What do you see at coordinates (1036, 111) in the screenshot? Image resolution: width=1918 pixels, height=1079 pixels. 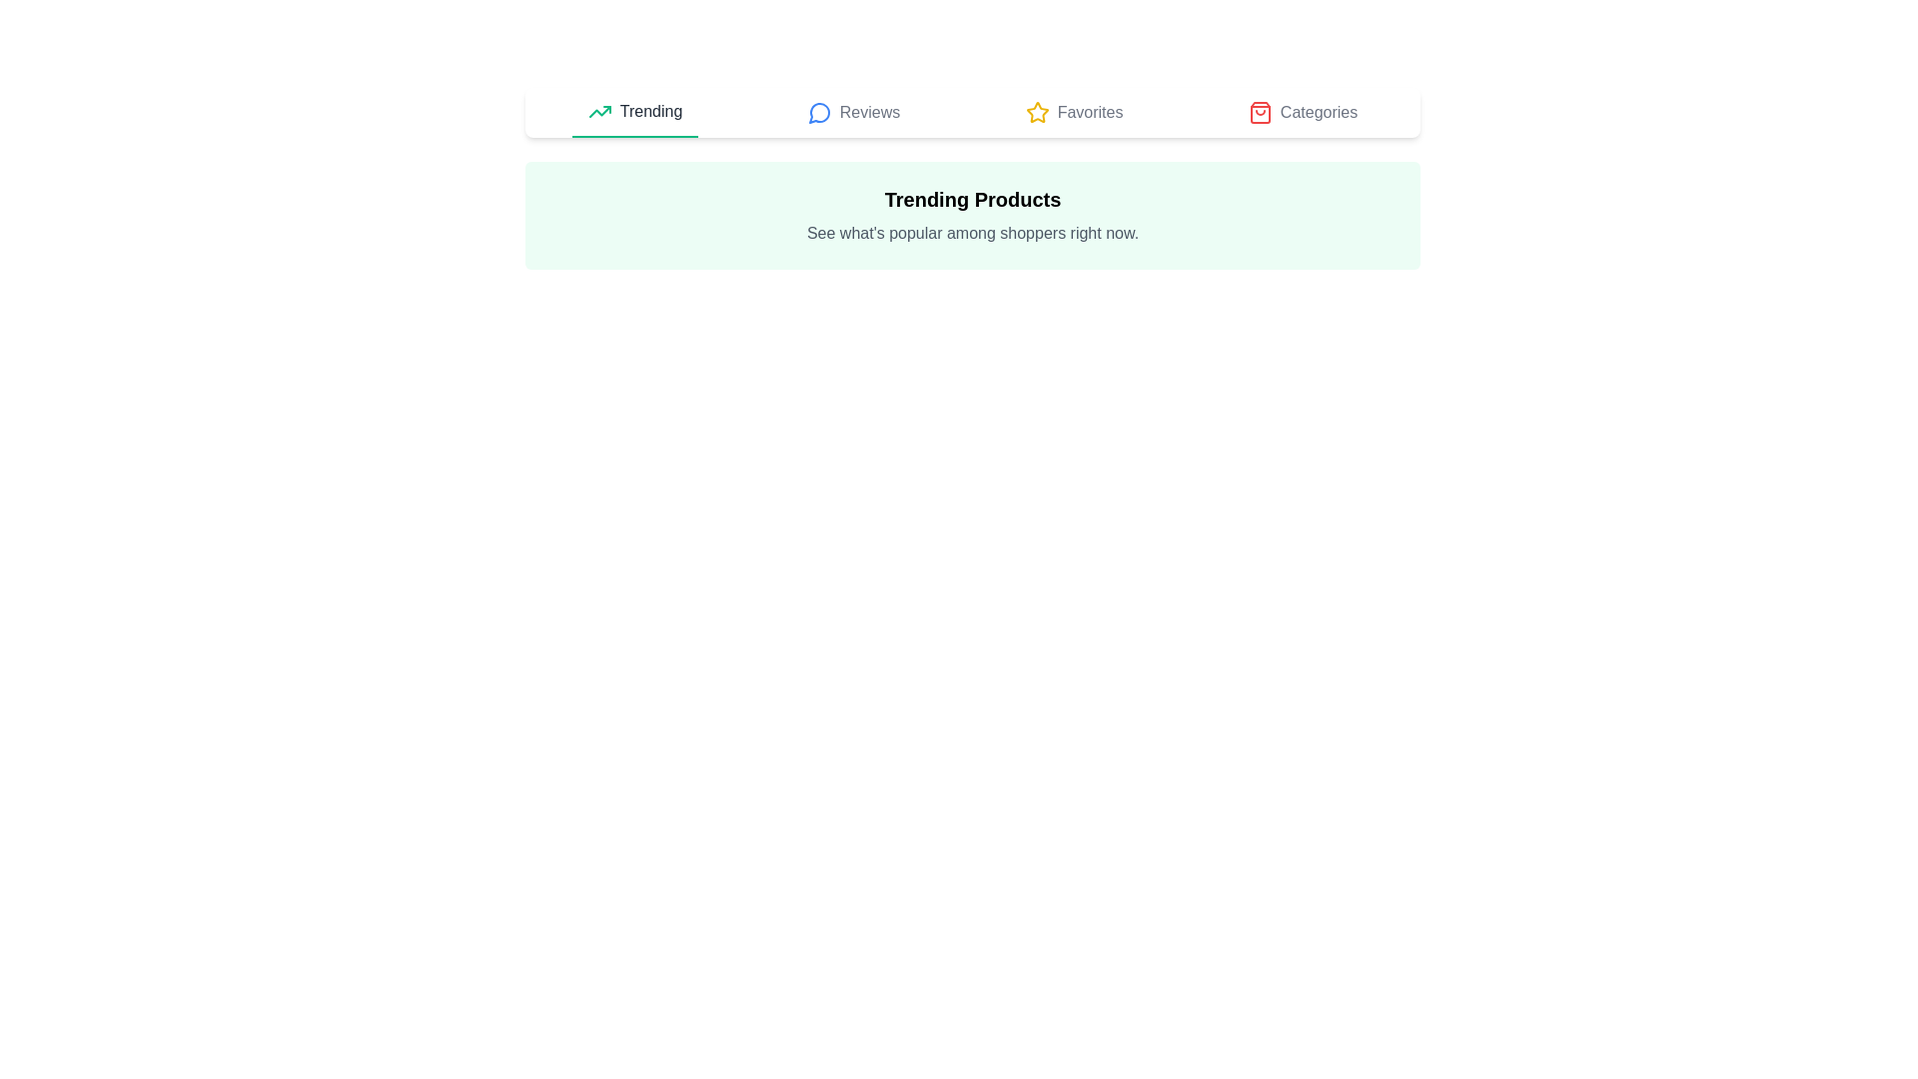 I see `the Favorites tab icon located at the top of the interface to associate it with the Favorites tab for contextual actions` at bounding box center [1036, 111].